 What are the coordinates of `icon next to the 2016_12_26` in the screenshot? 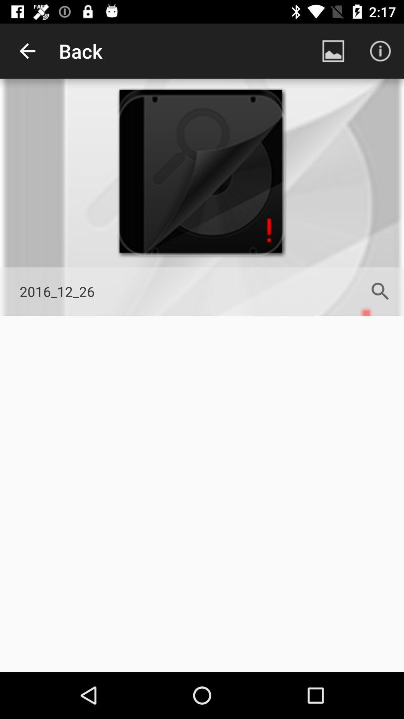 It's located at (380, 291).